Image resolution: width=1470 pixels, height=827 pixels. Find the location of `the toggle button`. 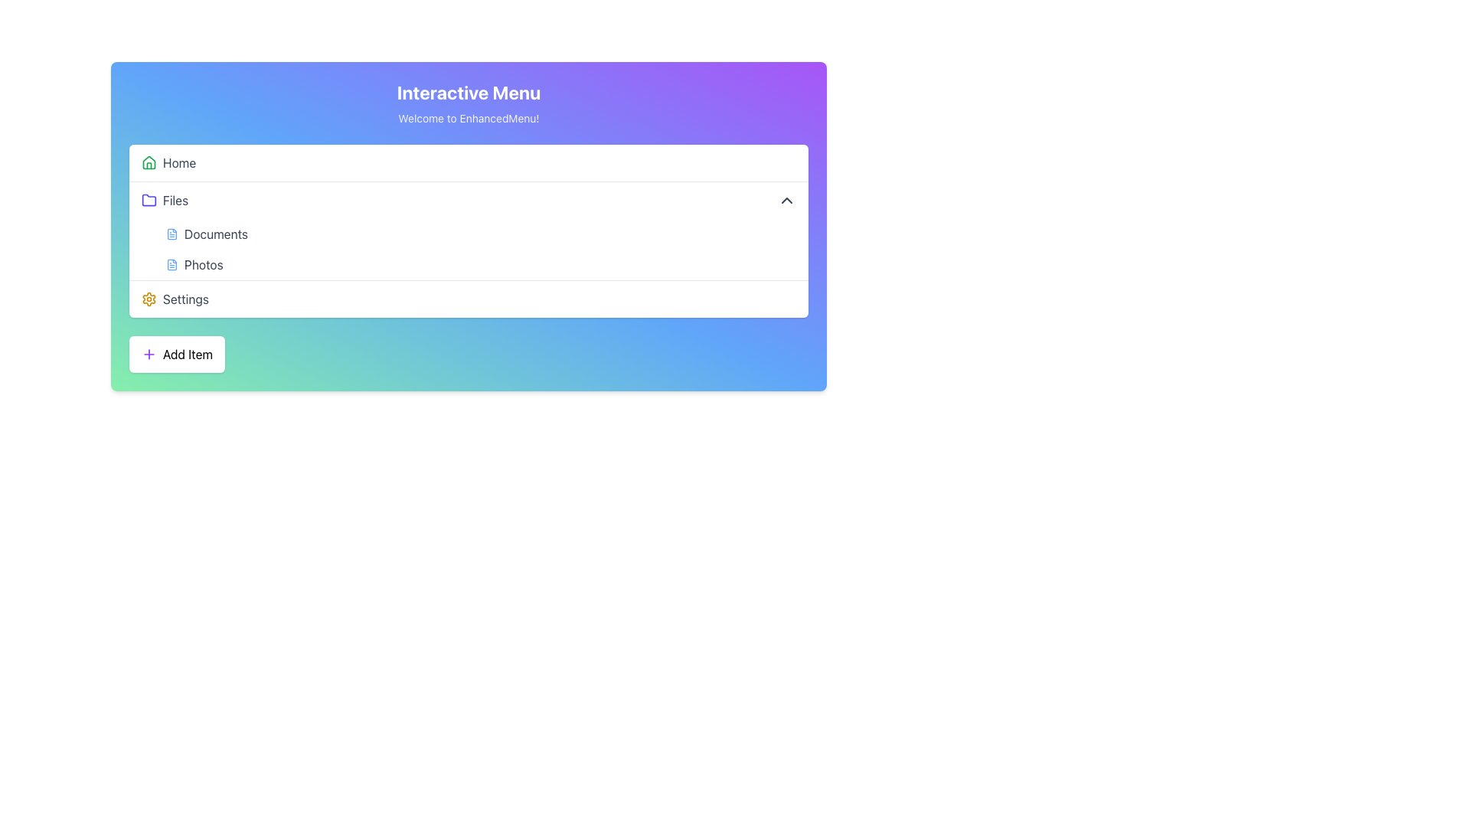

the toggle button is located at coordinates (468, 200).